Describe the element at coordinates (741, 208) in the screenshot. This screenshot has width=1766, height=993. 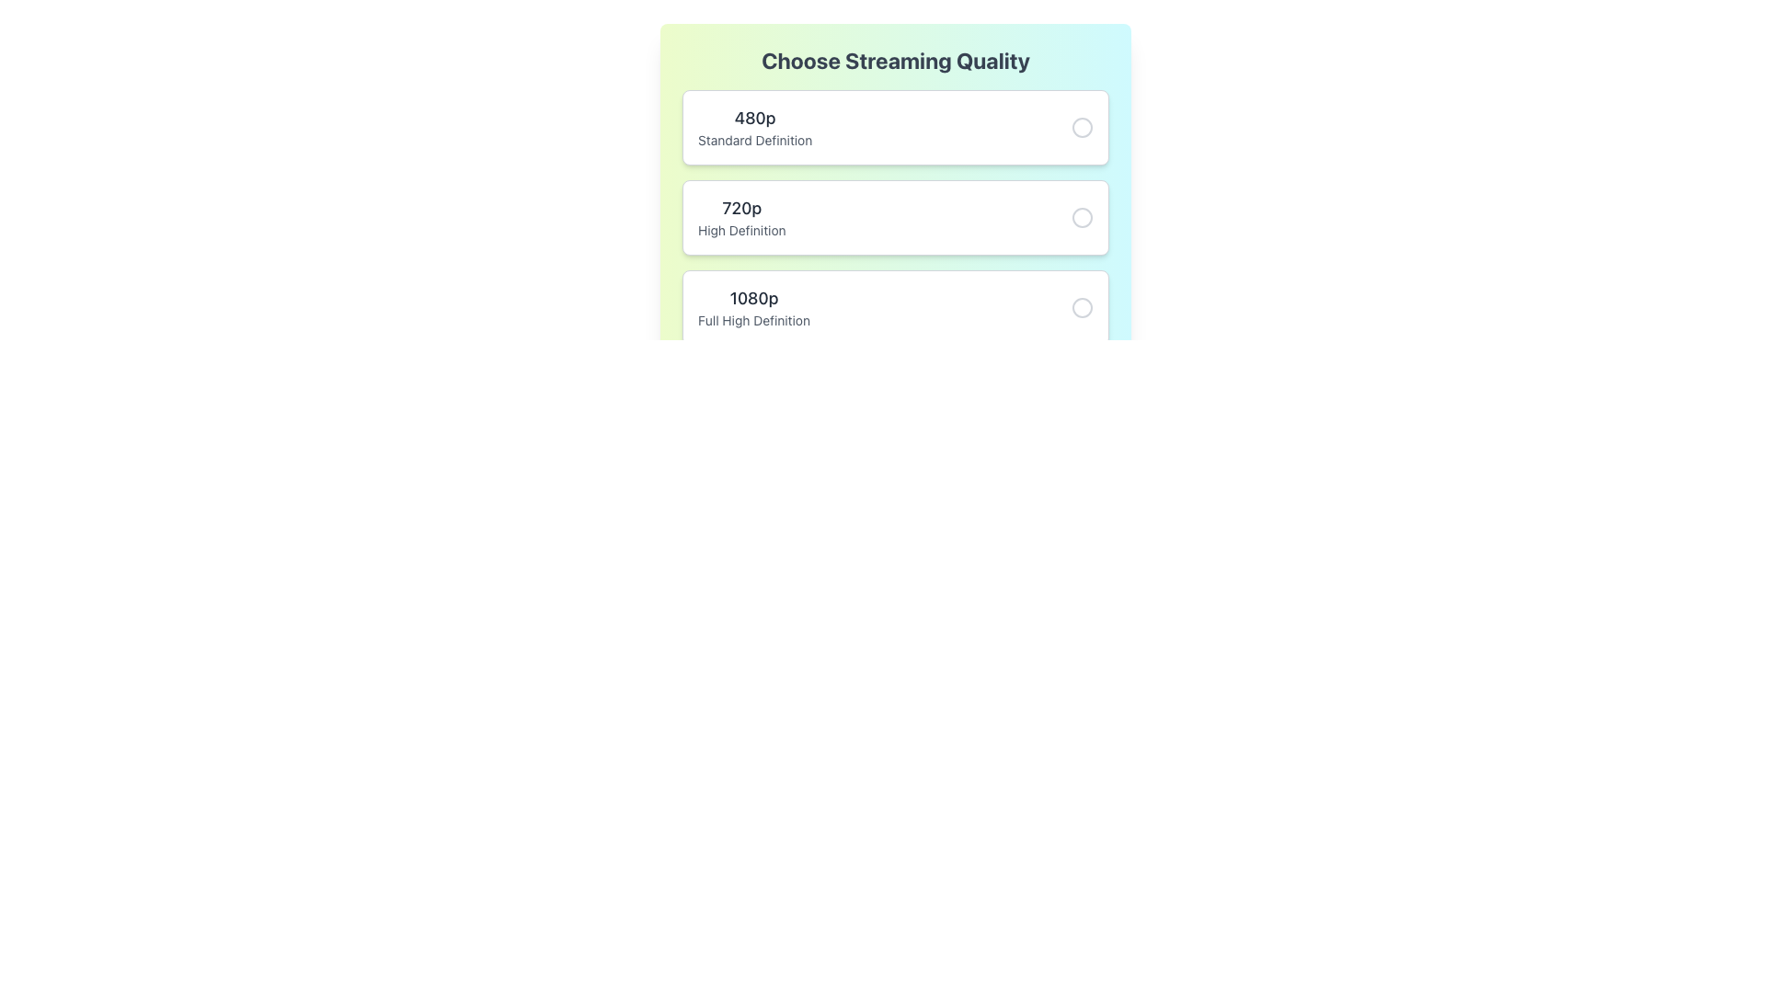
I see `the '720p' label, which is styled in bold dark gray text and is centrally aligned in the 'Choose Streaming Quality' section, positioned between '480p' and '1080p'` at that location.